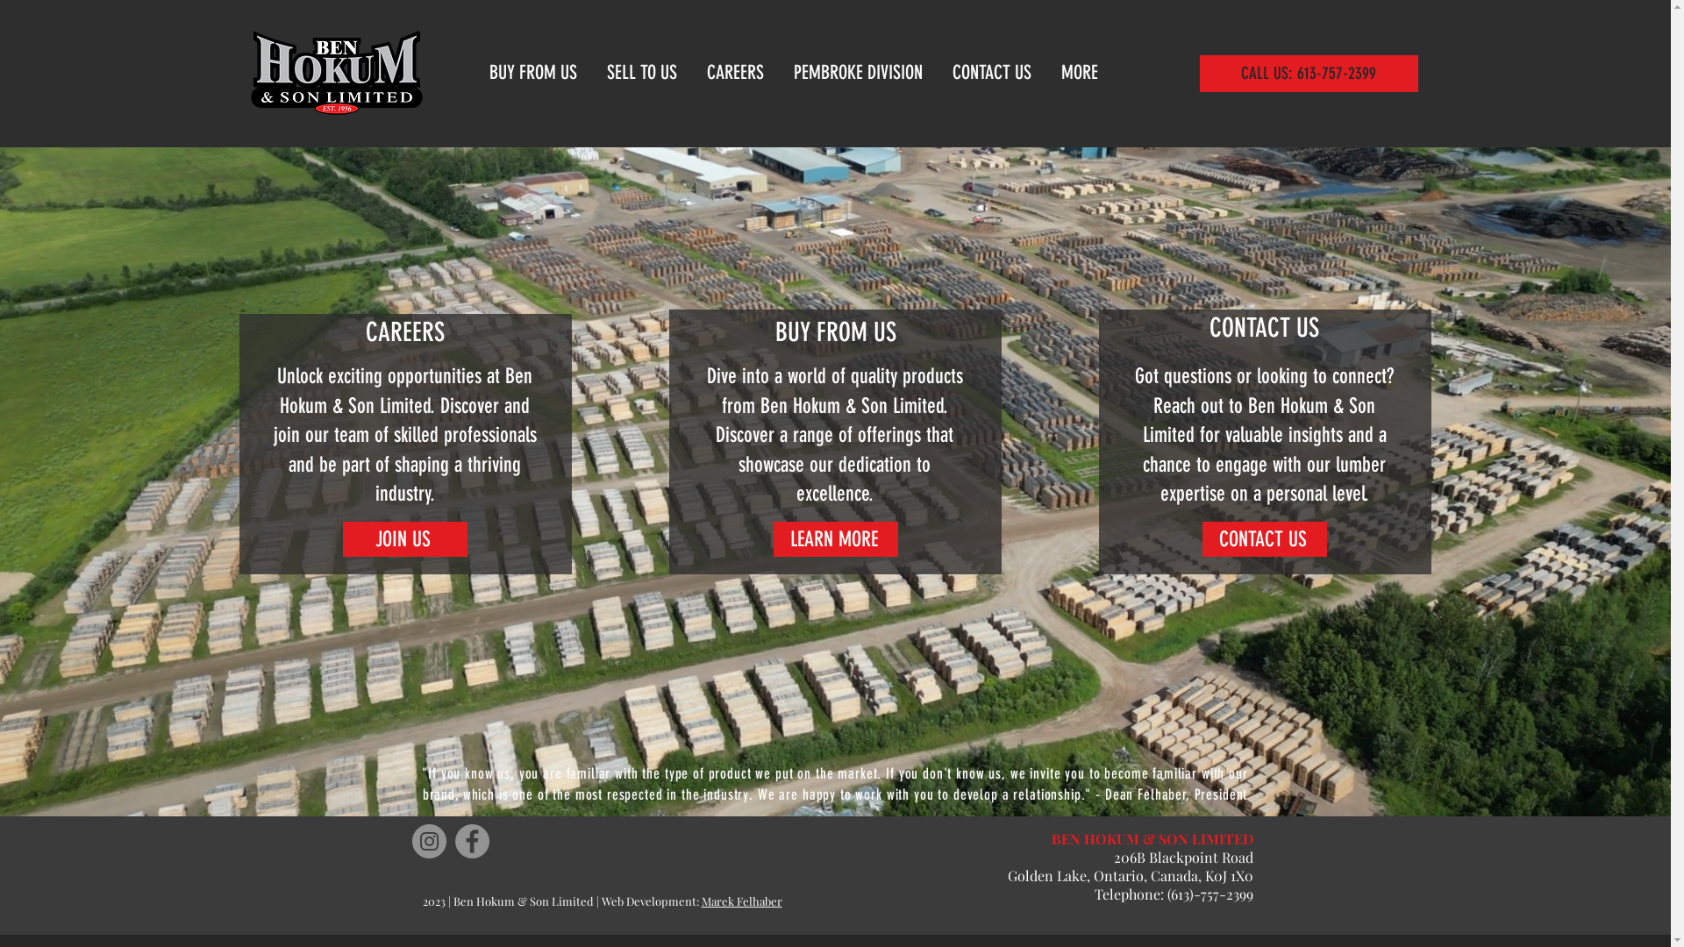  What do you see at coordinates (860, 72) in the screenshot?
I see `'PEMBROKE DIVISION'` at bounding box center [860, 72].